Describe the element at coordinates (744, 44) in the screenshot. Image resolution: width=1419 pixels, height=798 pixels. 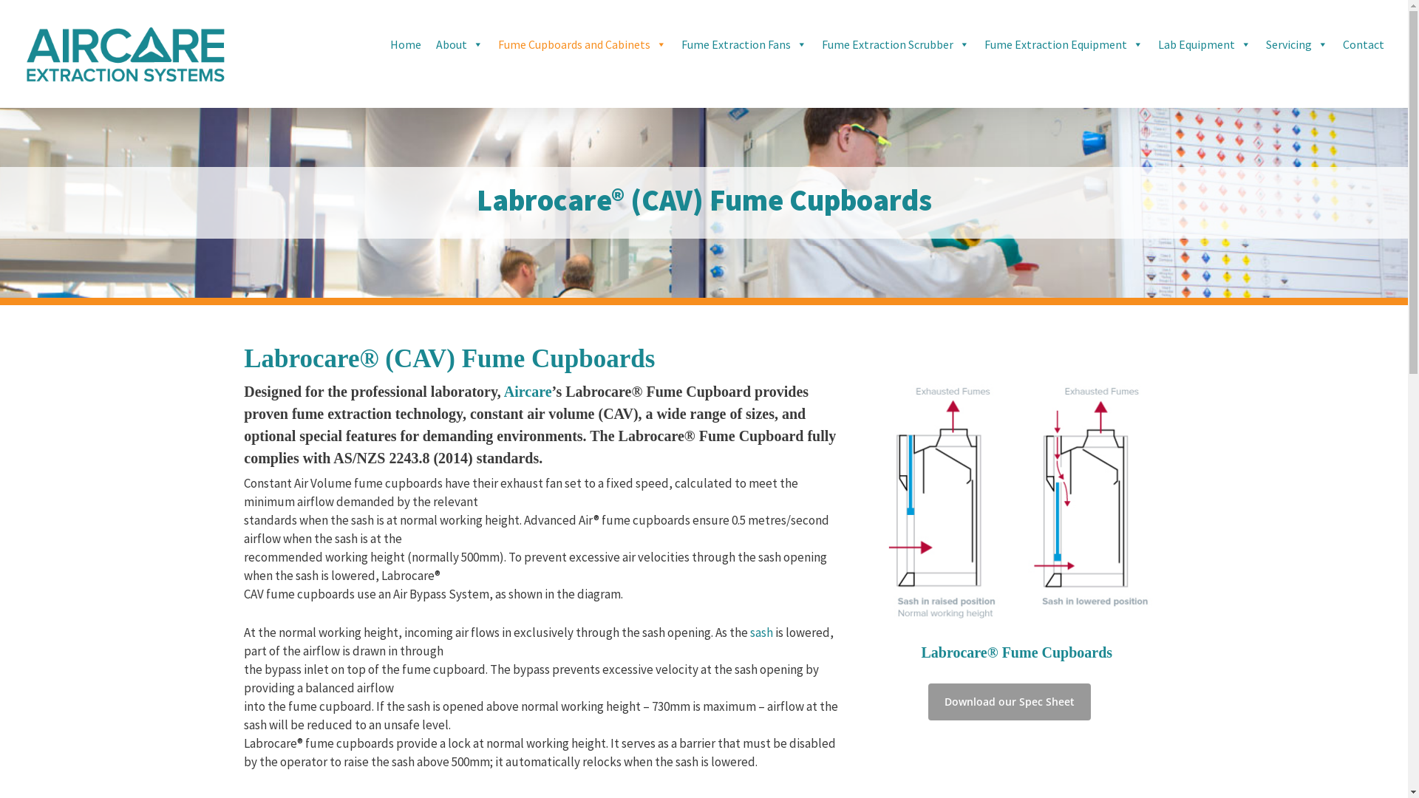
I see `'Fume Extraction Fans'` at that location.